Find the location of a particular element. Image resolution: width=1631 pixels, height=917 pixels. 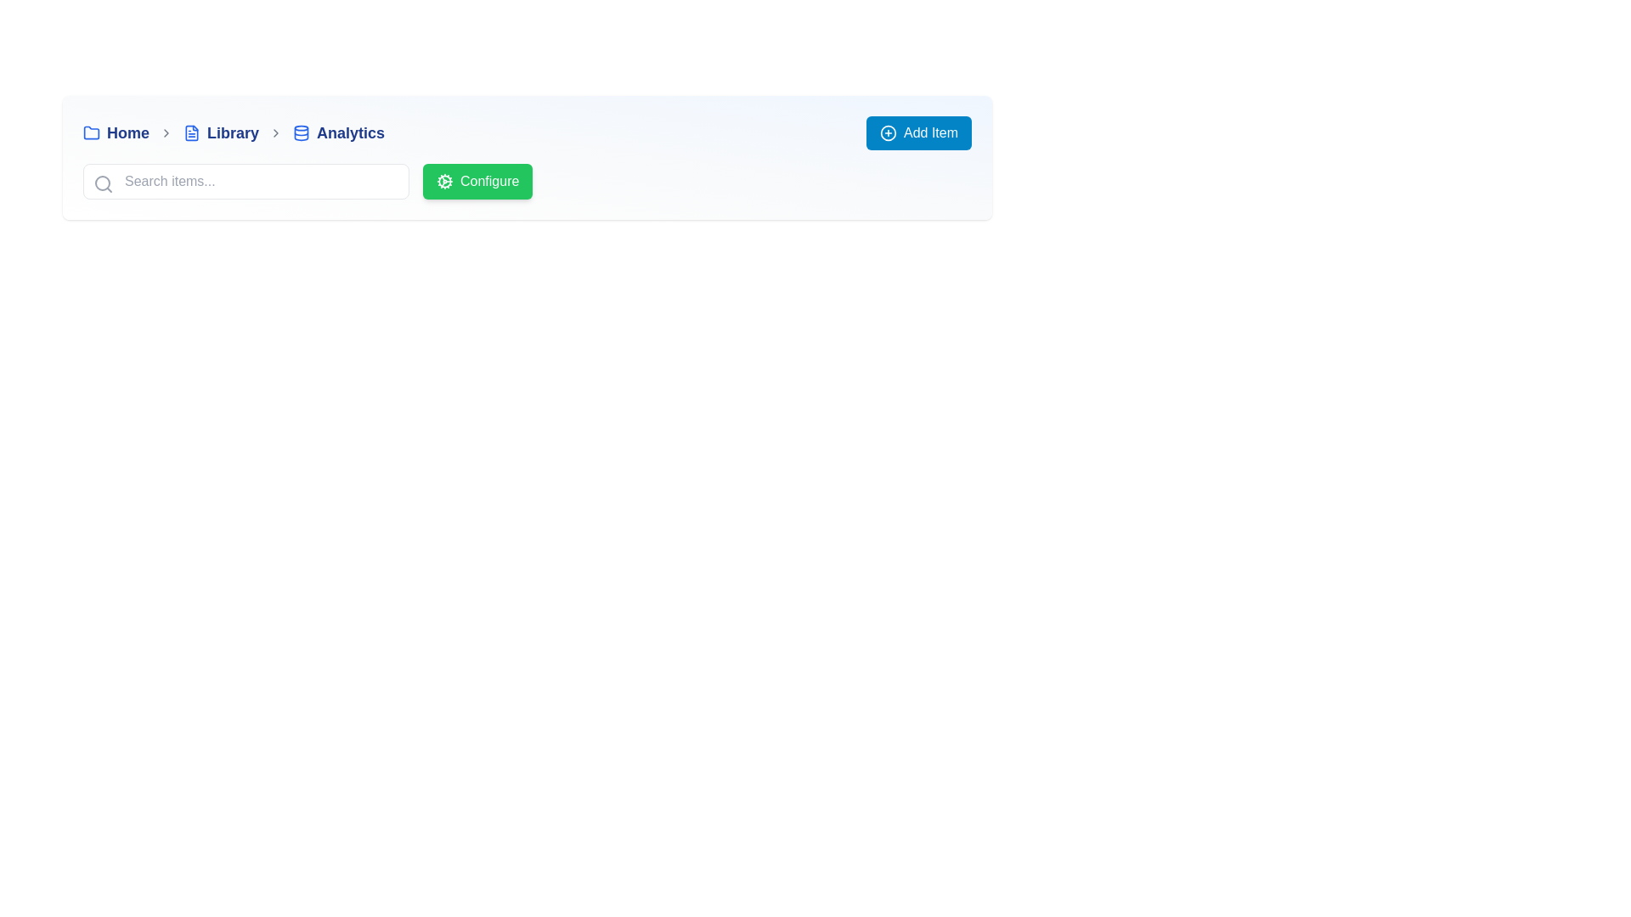

the blue folder icon located in the navigation breadcrumb area before the 'Home' link is located at coordinates (91, 131).